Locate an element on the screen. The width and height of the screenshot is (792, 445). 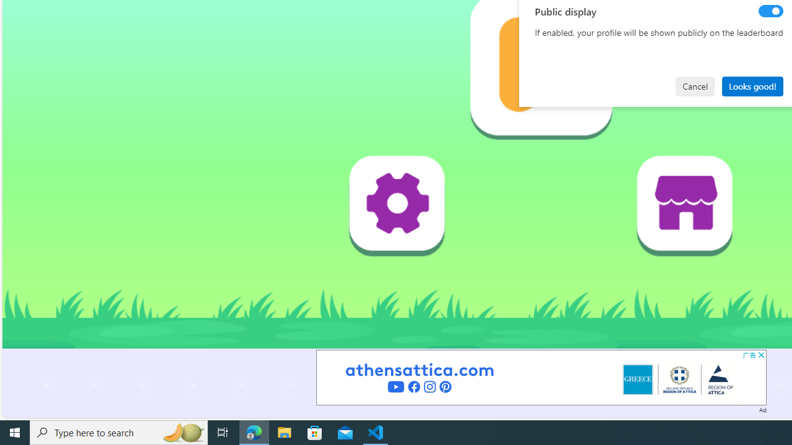
'Cancel' is located at coordinates (695, 85).